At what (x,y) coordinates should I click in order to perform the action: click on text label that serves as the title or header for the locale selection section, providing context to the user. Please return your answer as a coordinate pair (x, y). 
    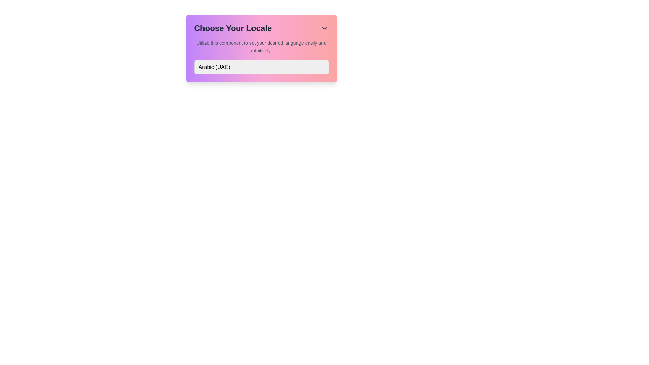
    Looking at the image, I should click on (233, 28).